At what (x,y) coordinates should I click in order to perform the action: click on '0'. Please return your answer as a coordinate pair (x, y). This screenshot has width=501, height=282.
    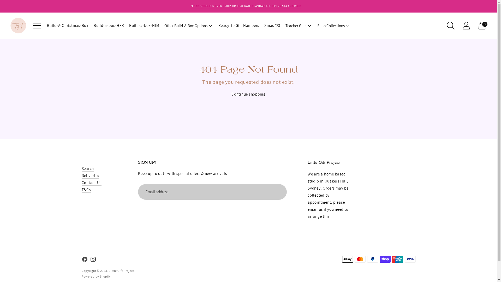
    Looking at the image, I should click on (482, 25).